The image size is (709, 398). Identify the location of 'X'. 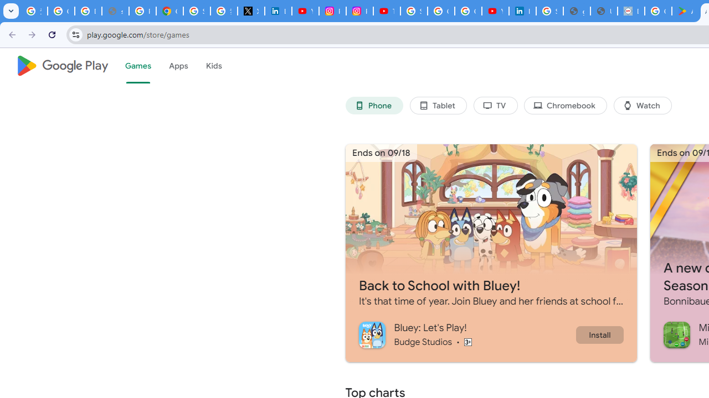
(250, 11).